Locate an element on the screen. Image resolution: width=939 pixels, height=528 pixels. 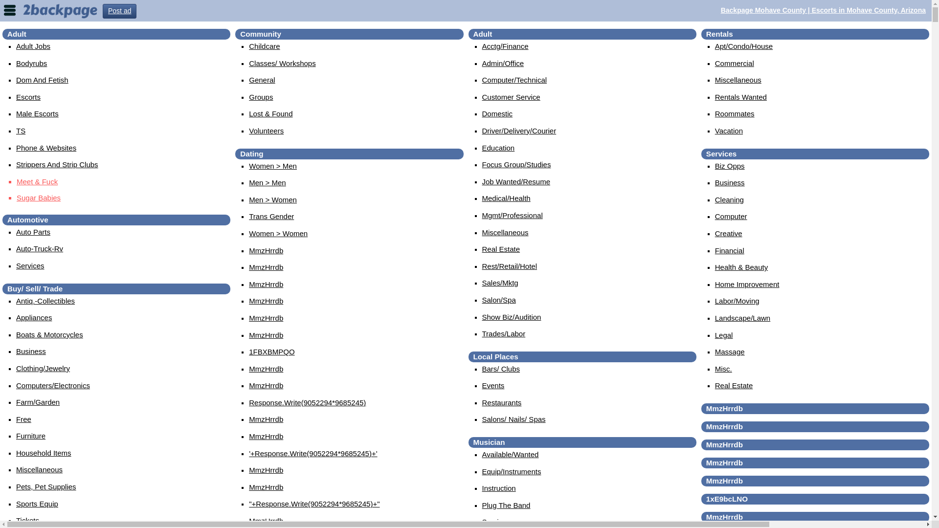
'Men > Men' is located at coordinates (267, 182).